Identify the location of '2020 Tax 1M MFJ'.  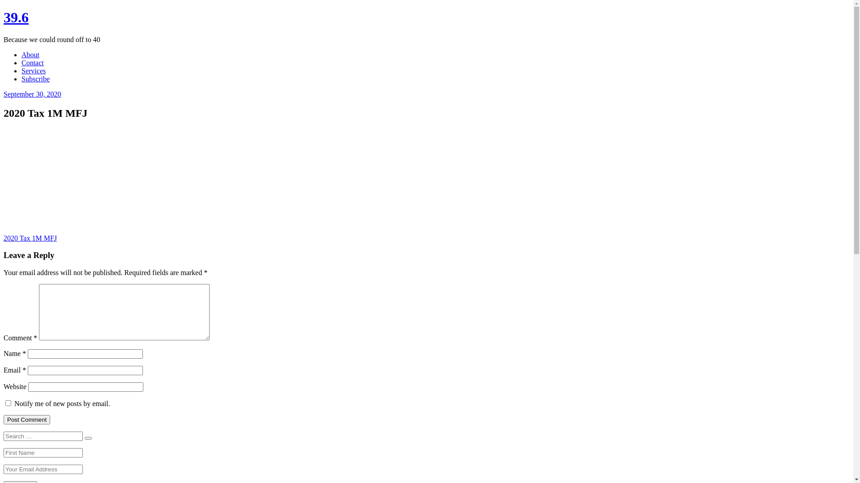
(30, 237).